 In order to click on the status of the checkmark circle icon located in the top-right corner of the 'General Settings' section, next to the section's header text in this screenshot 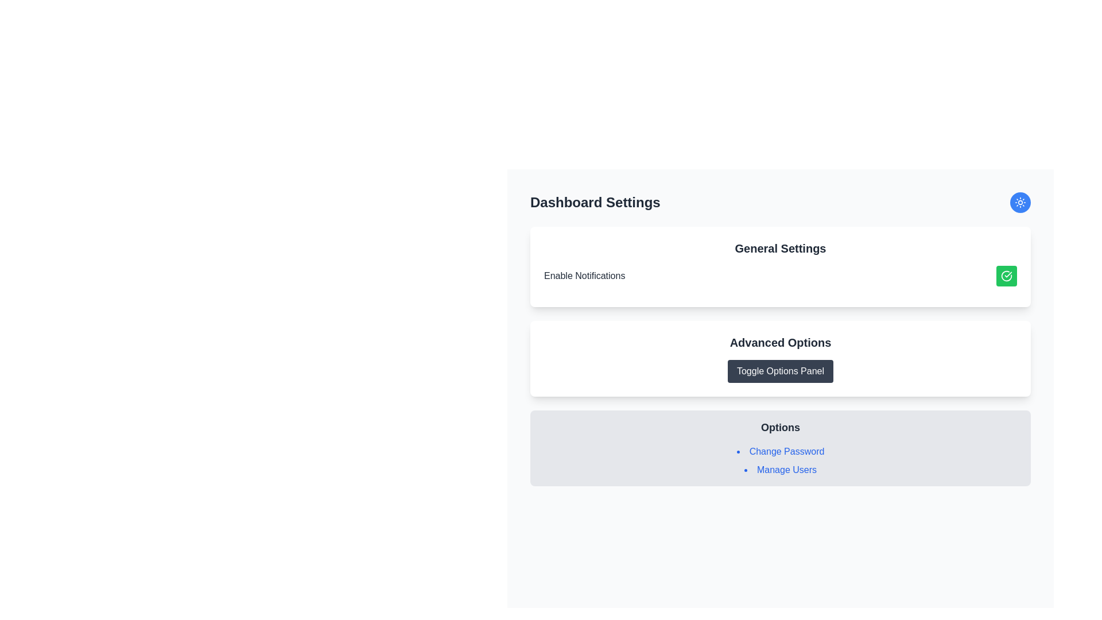, I will do `click(1006, 276)`.